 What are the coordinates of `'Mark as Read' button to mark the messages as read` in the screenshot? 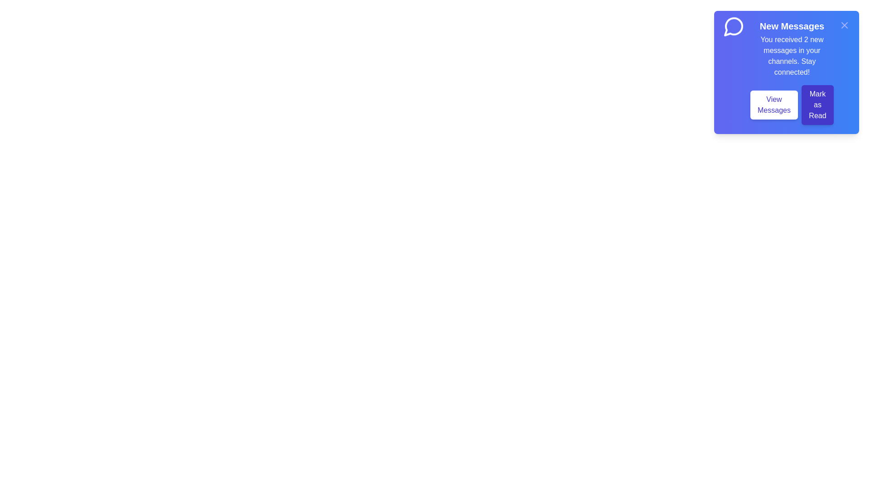 It's located at (817, 104).